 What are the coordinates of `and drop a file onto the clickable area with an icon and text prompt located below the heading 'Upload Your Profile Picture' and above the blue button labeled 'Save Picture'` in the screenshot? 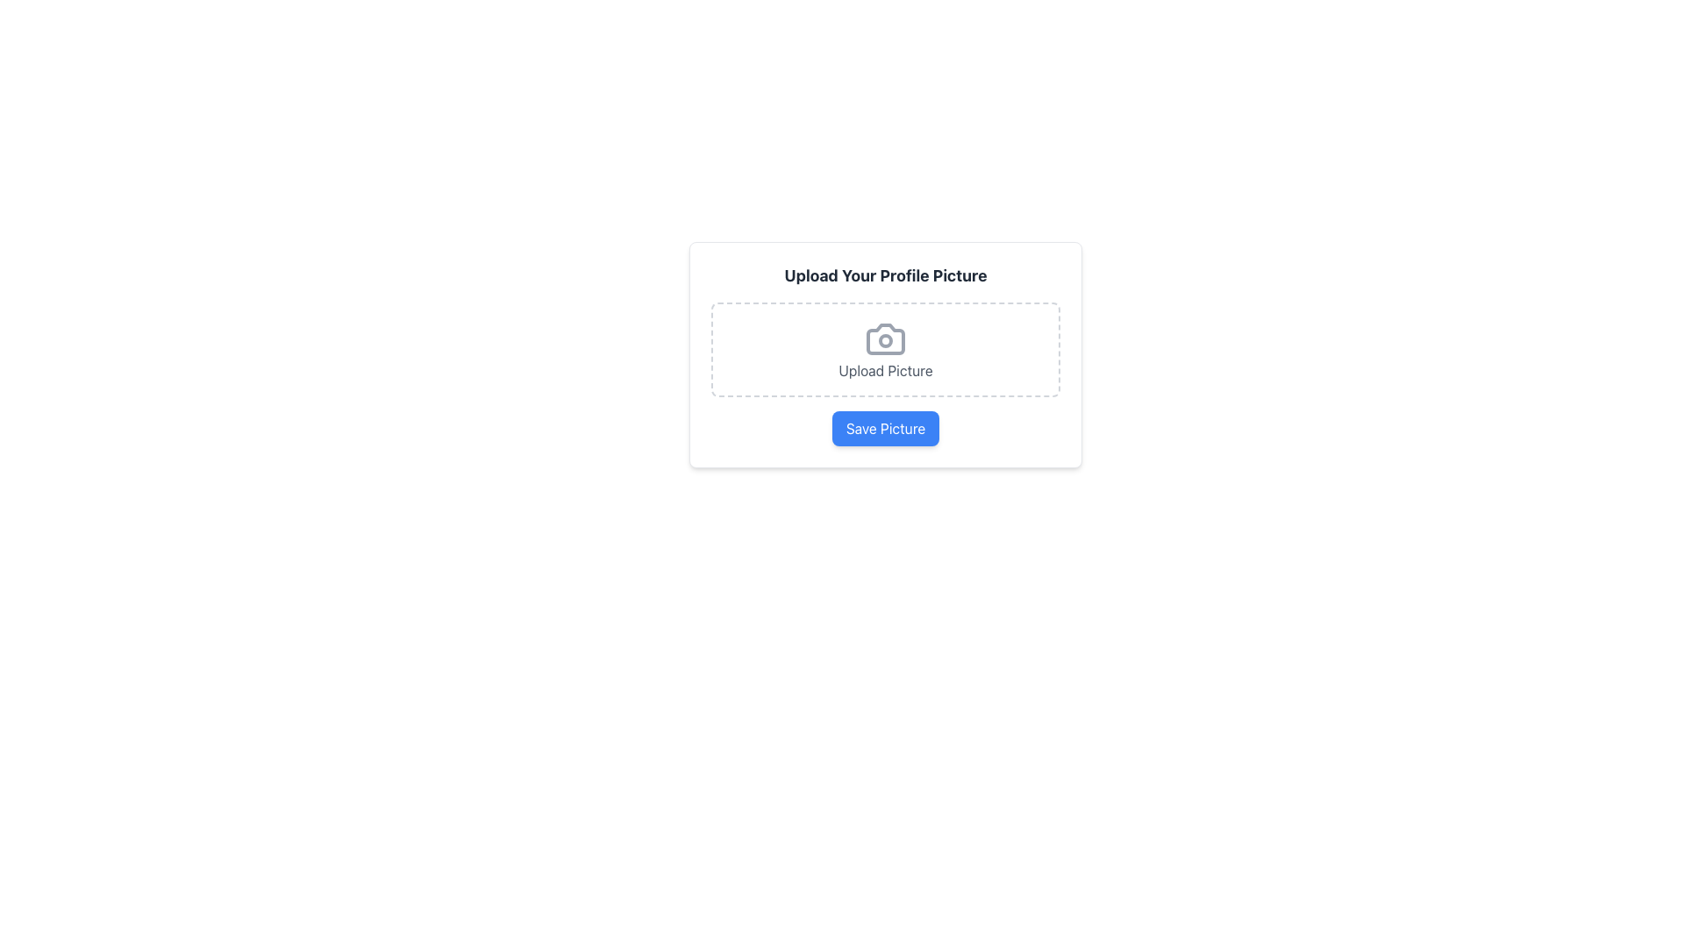 It's located at (885, 349).